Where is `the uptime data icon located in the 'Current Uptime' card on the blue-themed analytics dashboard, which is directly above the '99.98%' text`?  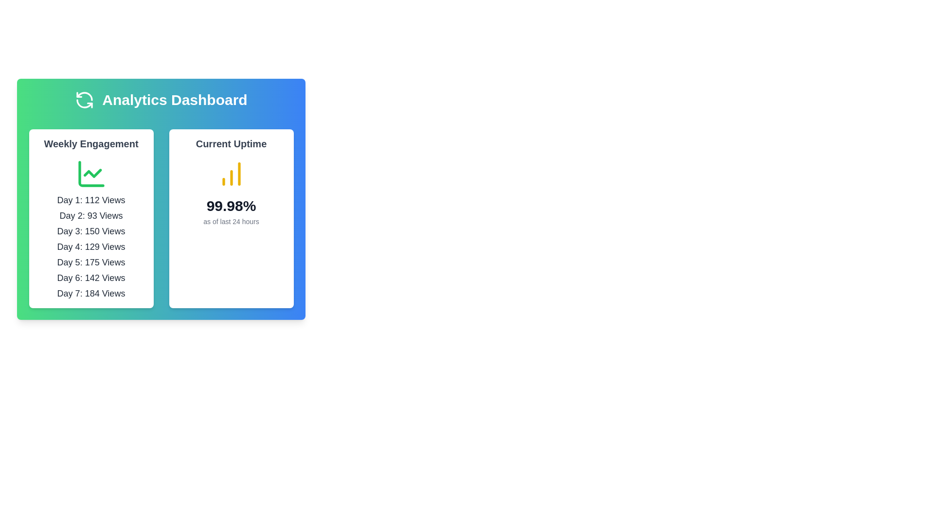
the uptime data icon located in the 'Current Uptime' card on the blue-themed analytics dashboard, which is directly above the '99.98%' text is located at coordinates (231, 174).